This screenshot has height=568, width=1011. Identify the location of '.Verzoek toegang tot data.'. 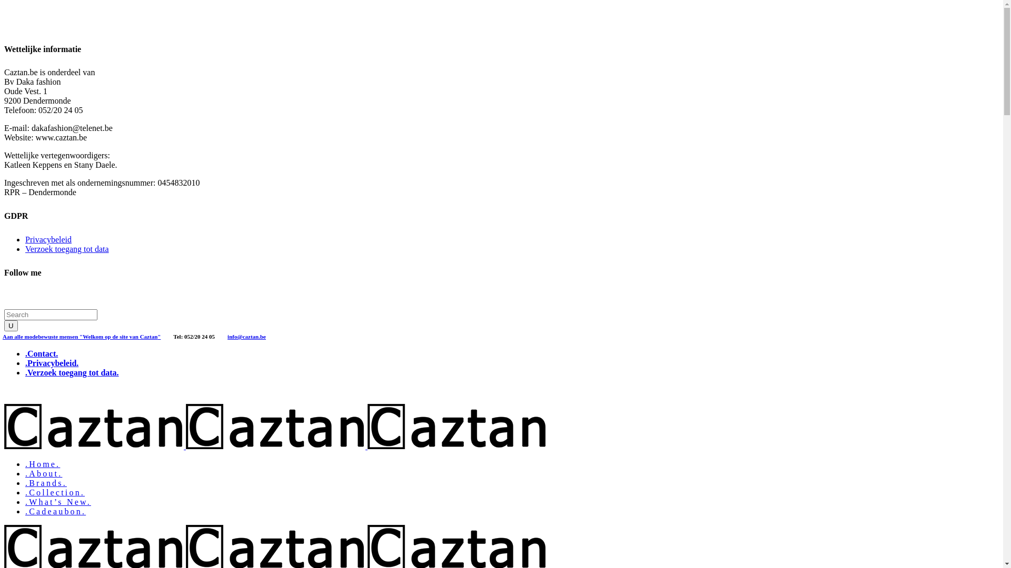
(25, 372).